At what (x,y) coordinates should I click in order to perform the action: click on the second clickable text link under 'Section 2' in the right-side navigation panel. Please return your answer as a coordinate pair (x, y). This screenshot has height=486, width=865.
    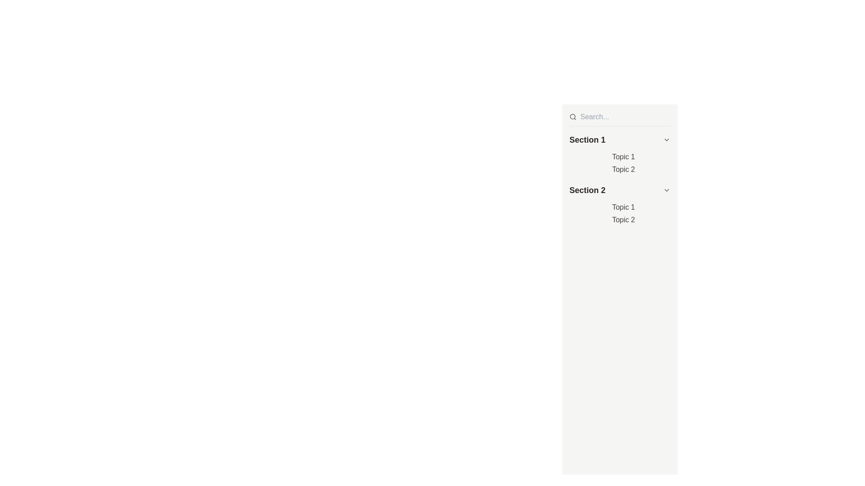
    Looking at the image, I should click on (623, 220).